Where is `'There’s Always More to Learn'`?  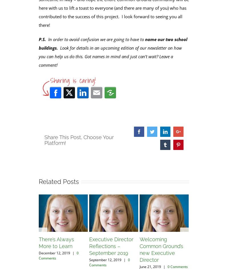 'There’s Always More to Learn' is located at coordinates (56, 243).